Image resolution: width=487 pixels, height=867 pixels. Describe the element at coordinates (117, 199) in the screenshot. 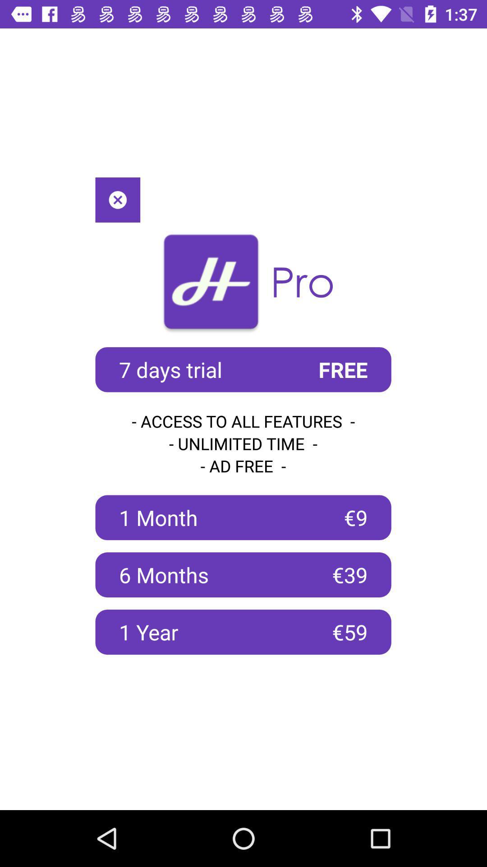

I see `the item at the top left corner` at that location.